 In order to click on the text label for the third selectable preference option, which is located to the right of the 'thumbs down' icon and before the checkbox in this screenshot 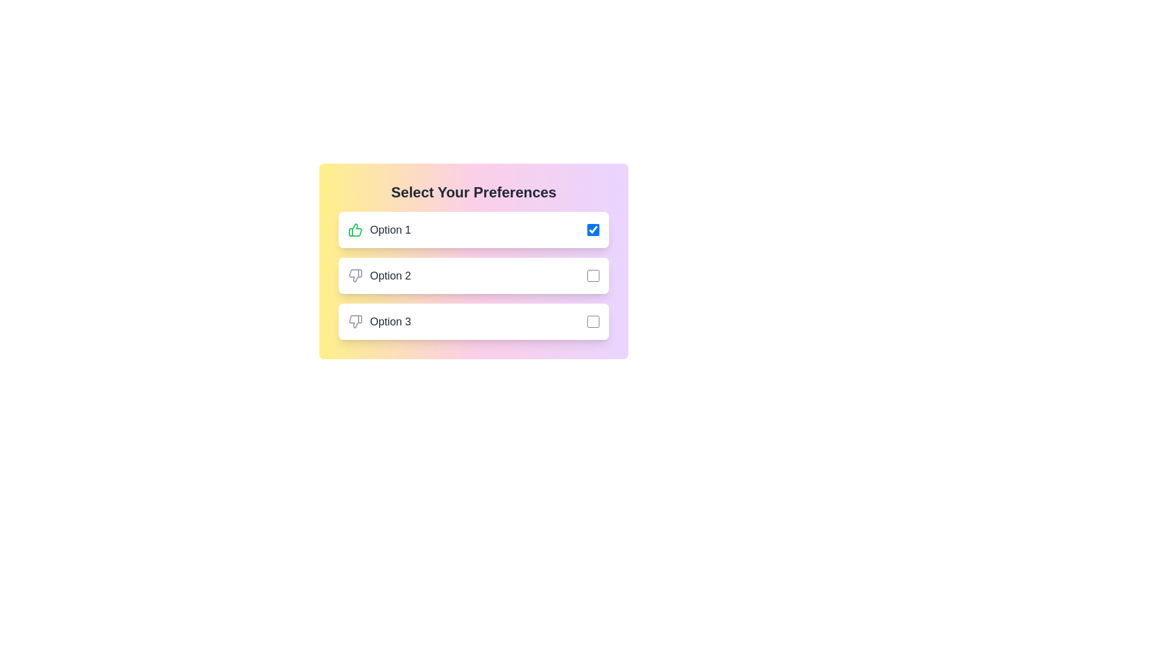, I will do `click(391, 321)`.